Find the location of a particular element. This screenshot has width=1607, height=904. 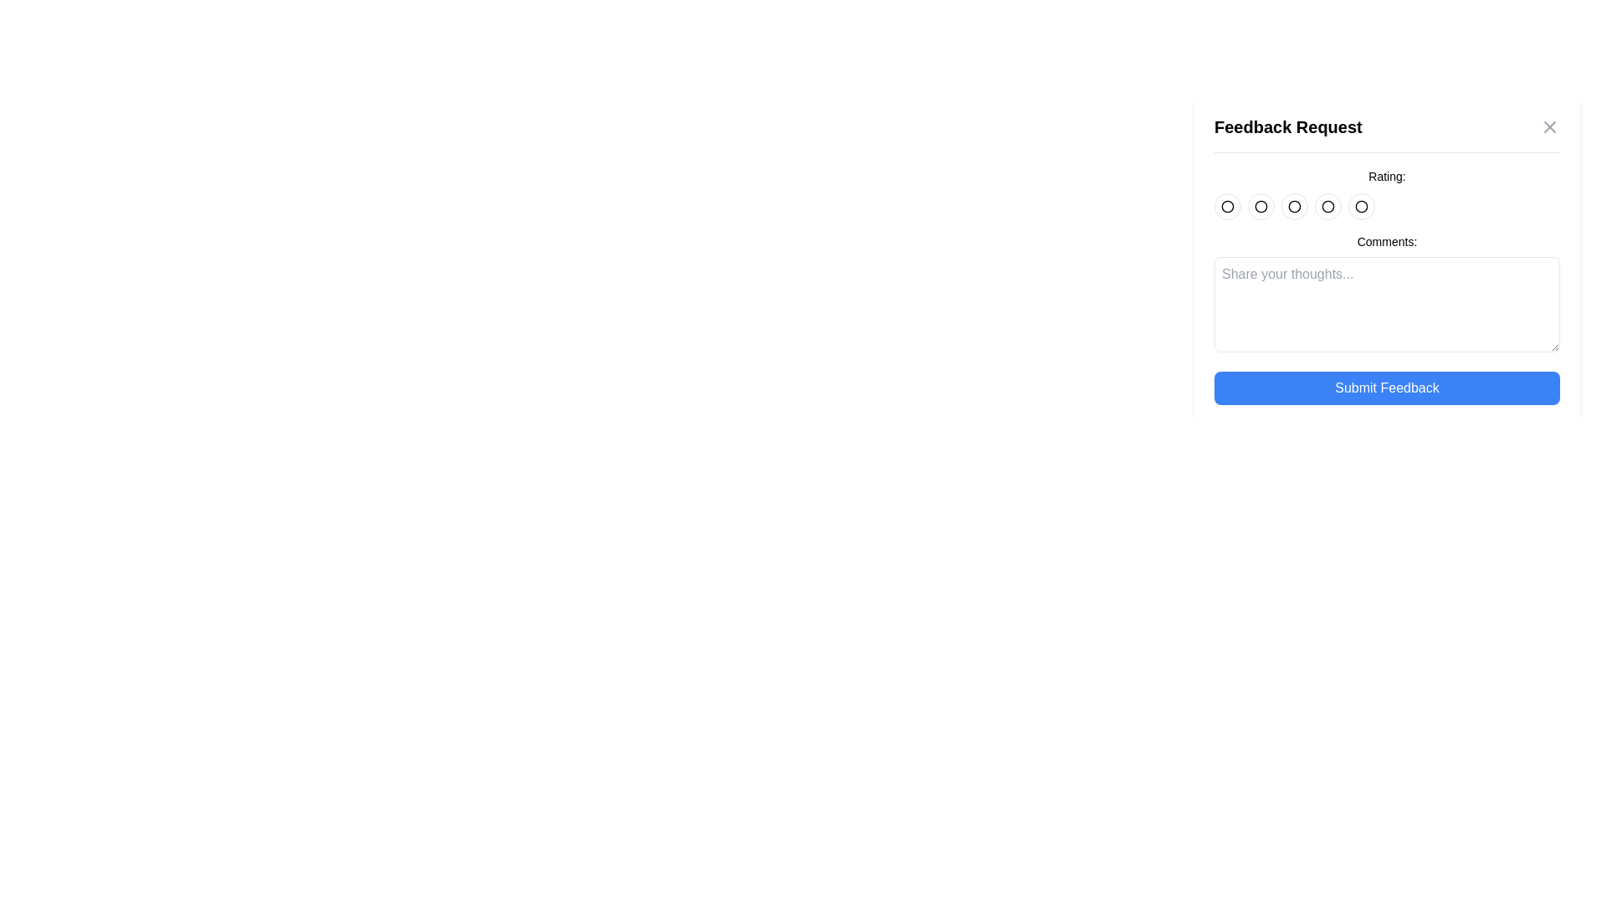

text label that serves as the title of the feedback form, positioned at the leftmost part of the header section is located at coordinates (1287, 126).